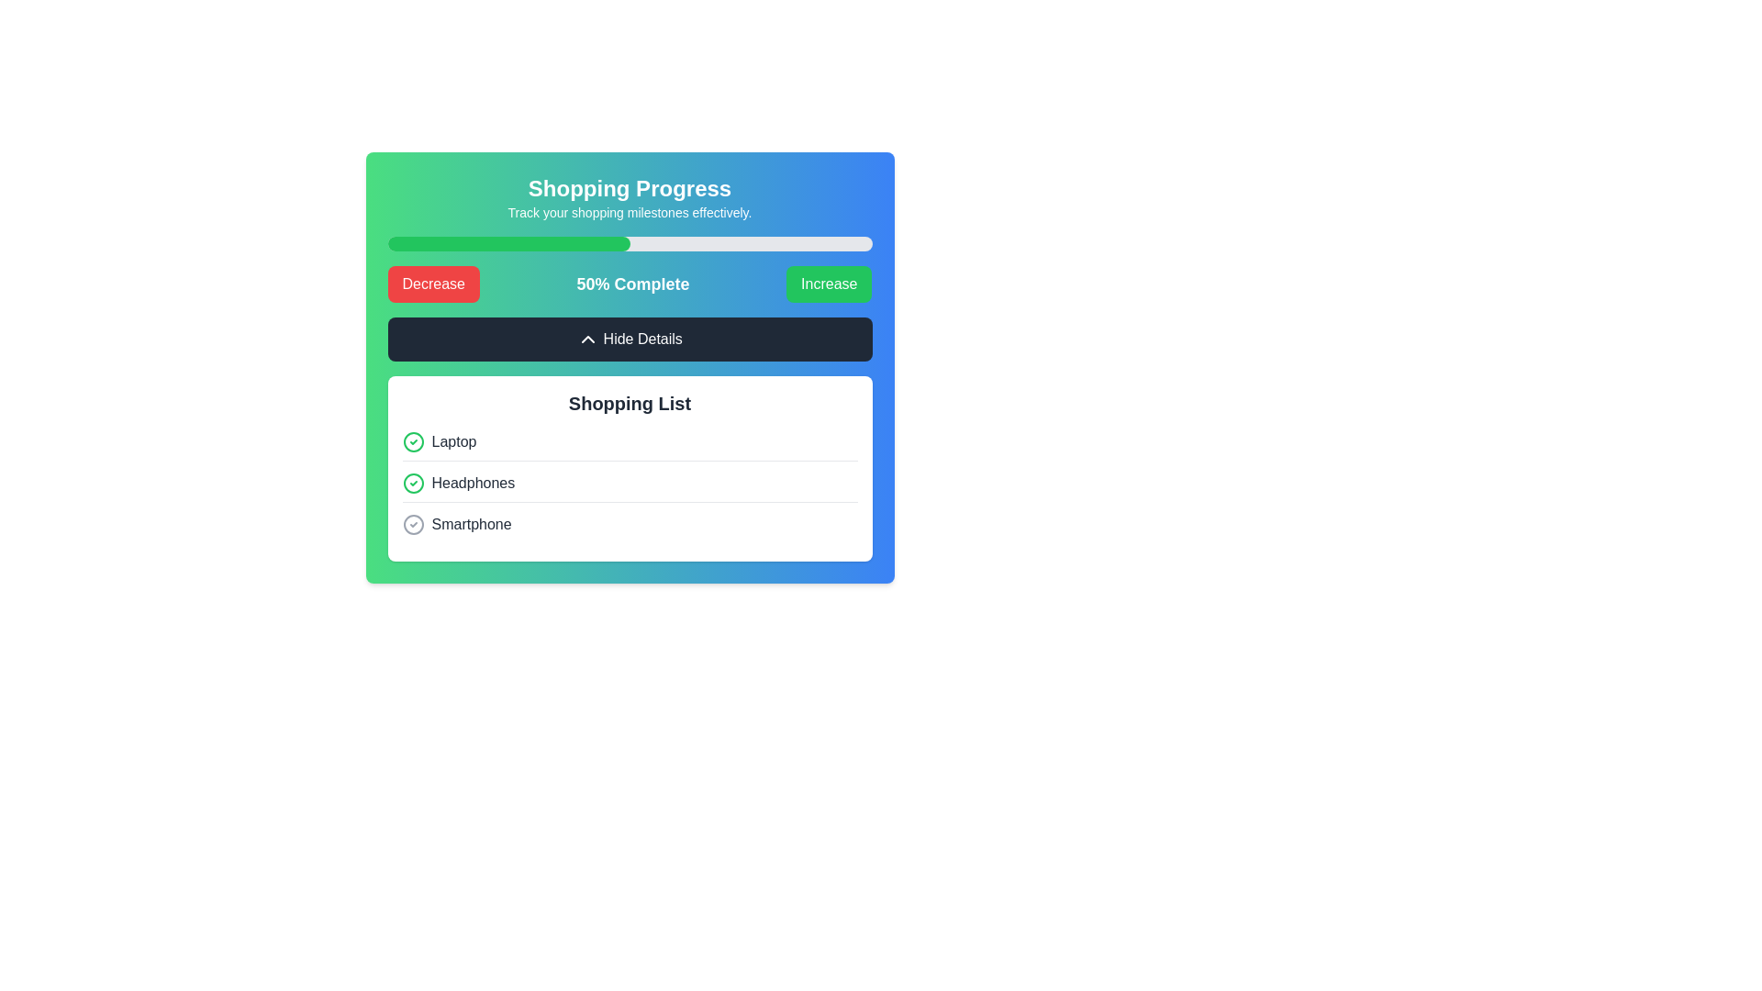 This screenshot has width=1762, height=991. I want to click on the text phrase 'Track your shopping milestones effectively.' which is located directly below the 'Shopping Progress' title and is centrally aligned within the interface, so click(630, 211).